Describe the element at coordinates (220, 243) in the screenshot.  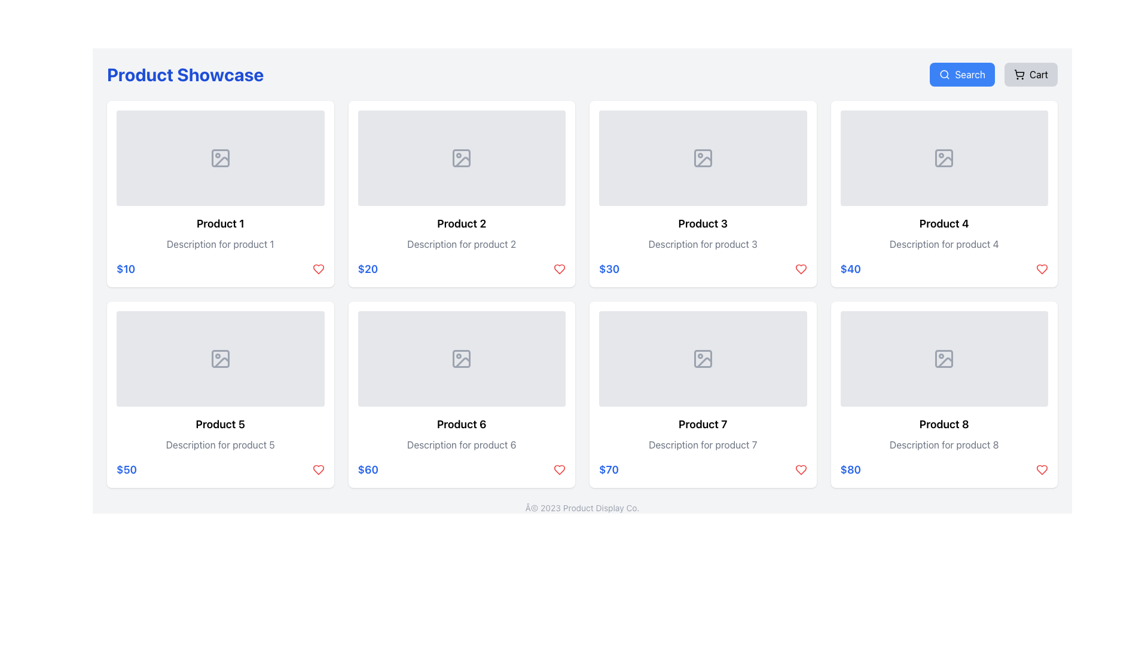
I see `the description text of 'Product 1', which is located beneath the title and above the price in the first card of the product grid` at that location.